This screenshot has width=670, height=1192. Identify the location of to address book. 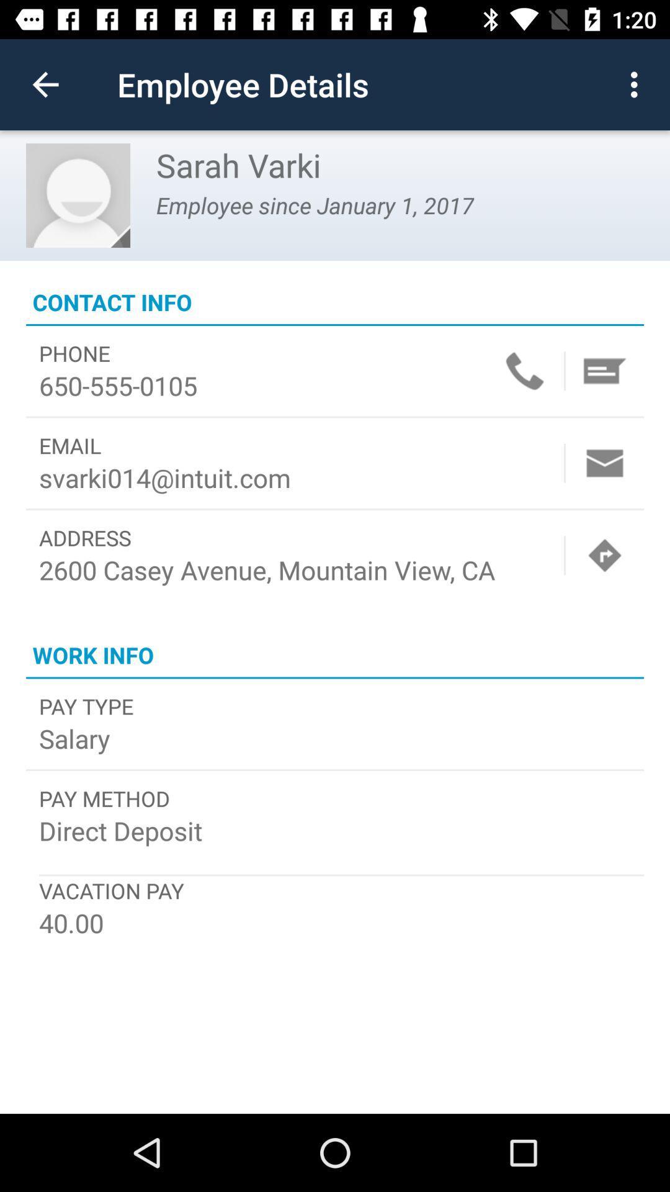
(604, 370).